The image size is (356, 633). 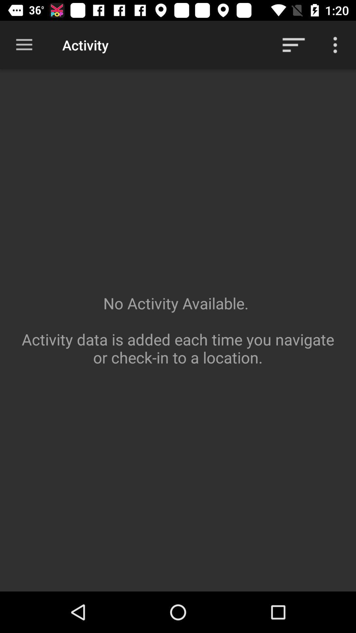 I want to click on more selections, so click(x=335, y=45).